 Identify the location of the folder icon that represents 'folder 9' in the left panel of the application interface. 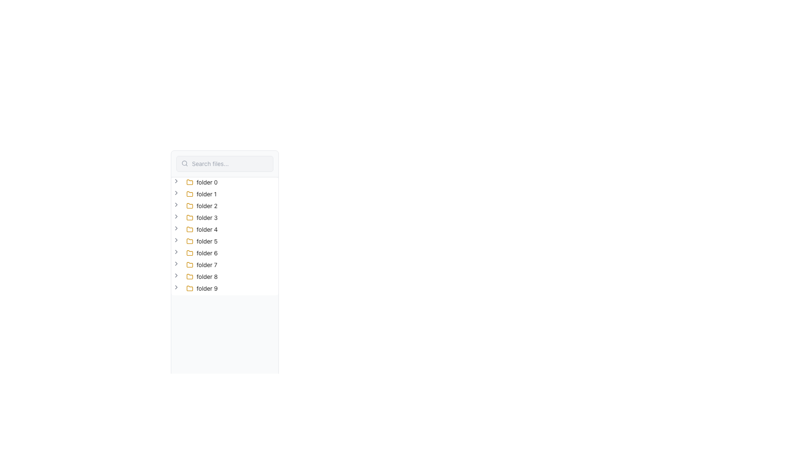
(189, 288).